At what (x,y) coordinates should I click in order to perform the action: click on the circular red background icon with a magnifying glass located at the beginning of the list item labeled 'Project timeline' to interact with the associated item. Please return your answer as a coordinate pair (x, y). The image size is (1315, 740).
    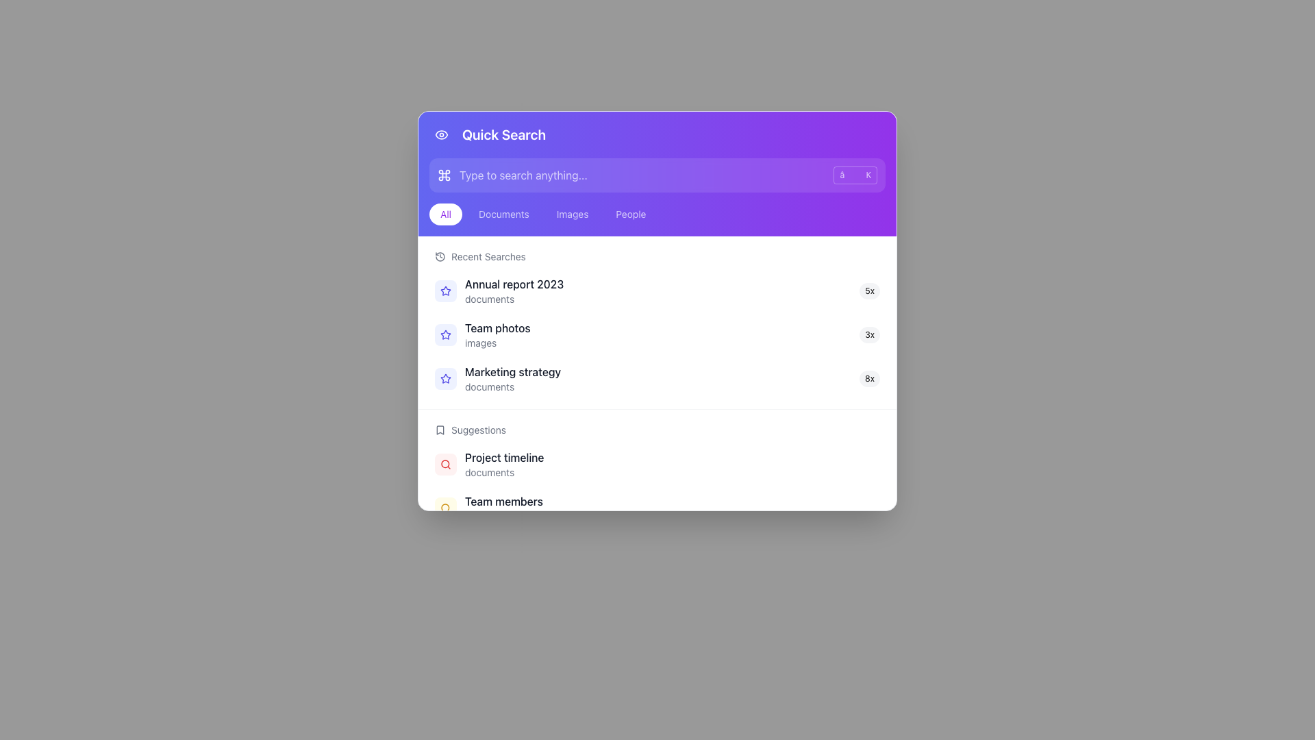
    Looking at the image, I should click on (446, 464).